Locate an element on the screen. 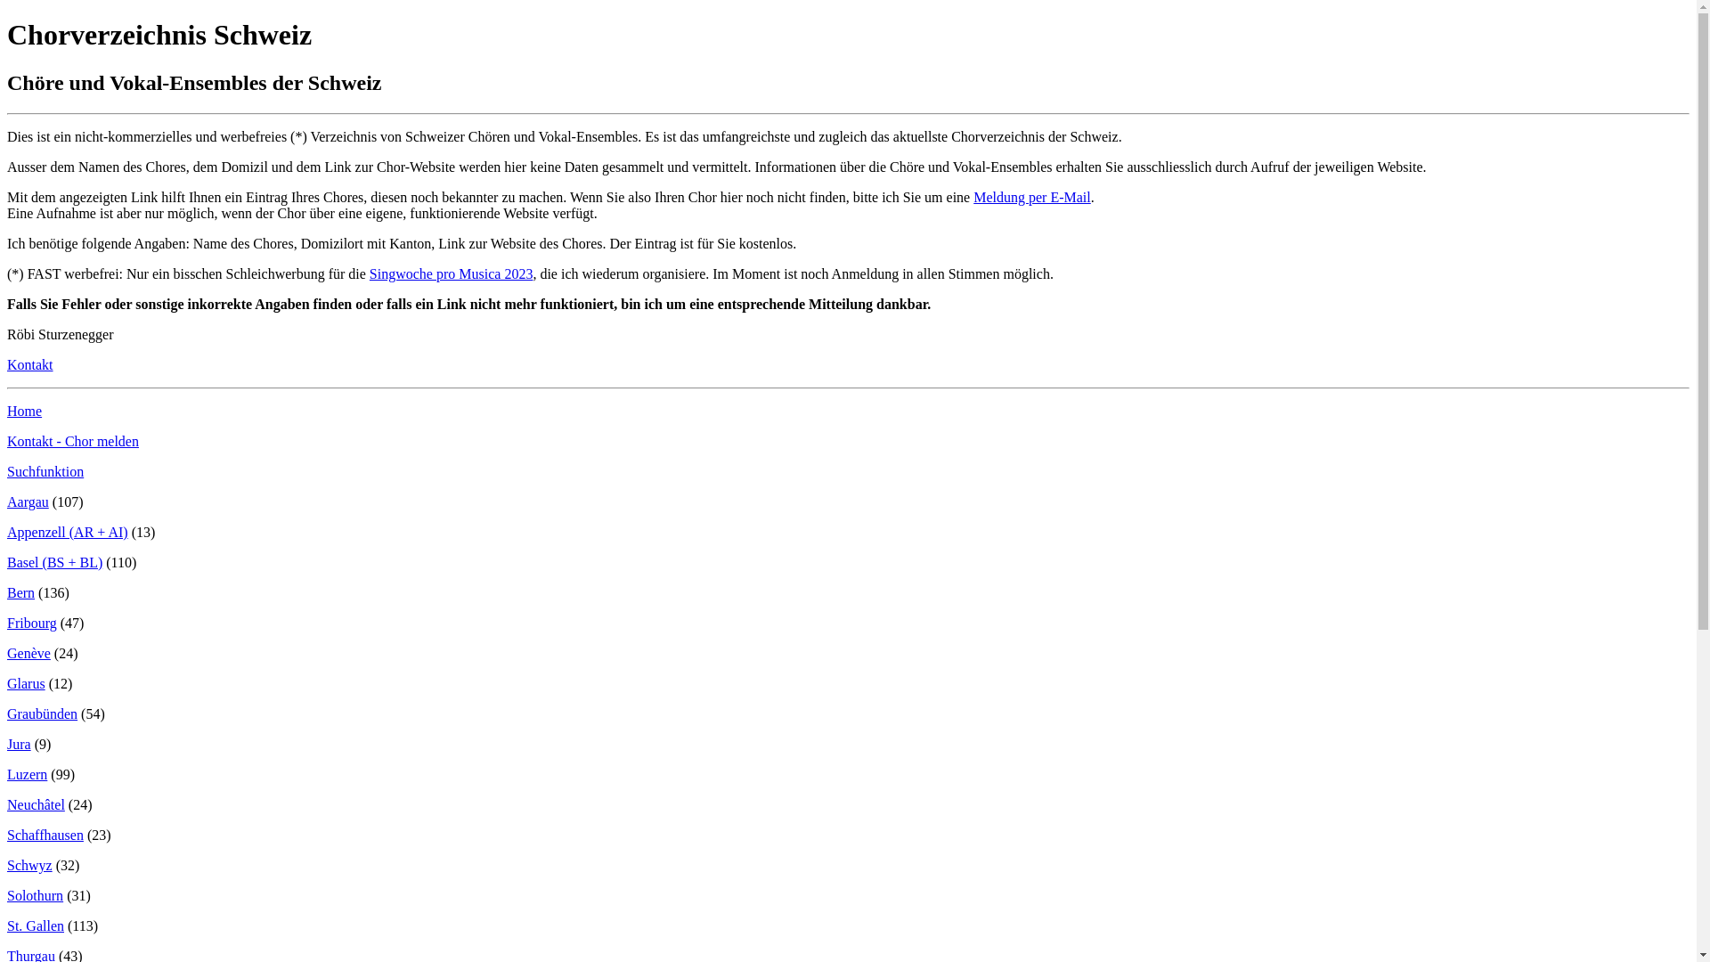  'Suchfunktion' is located at coordinates (45, 470).